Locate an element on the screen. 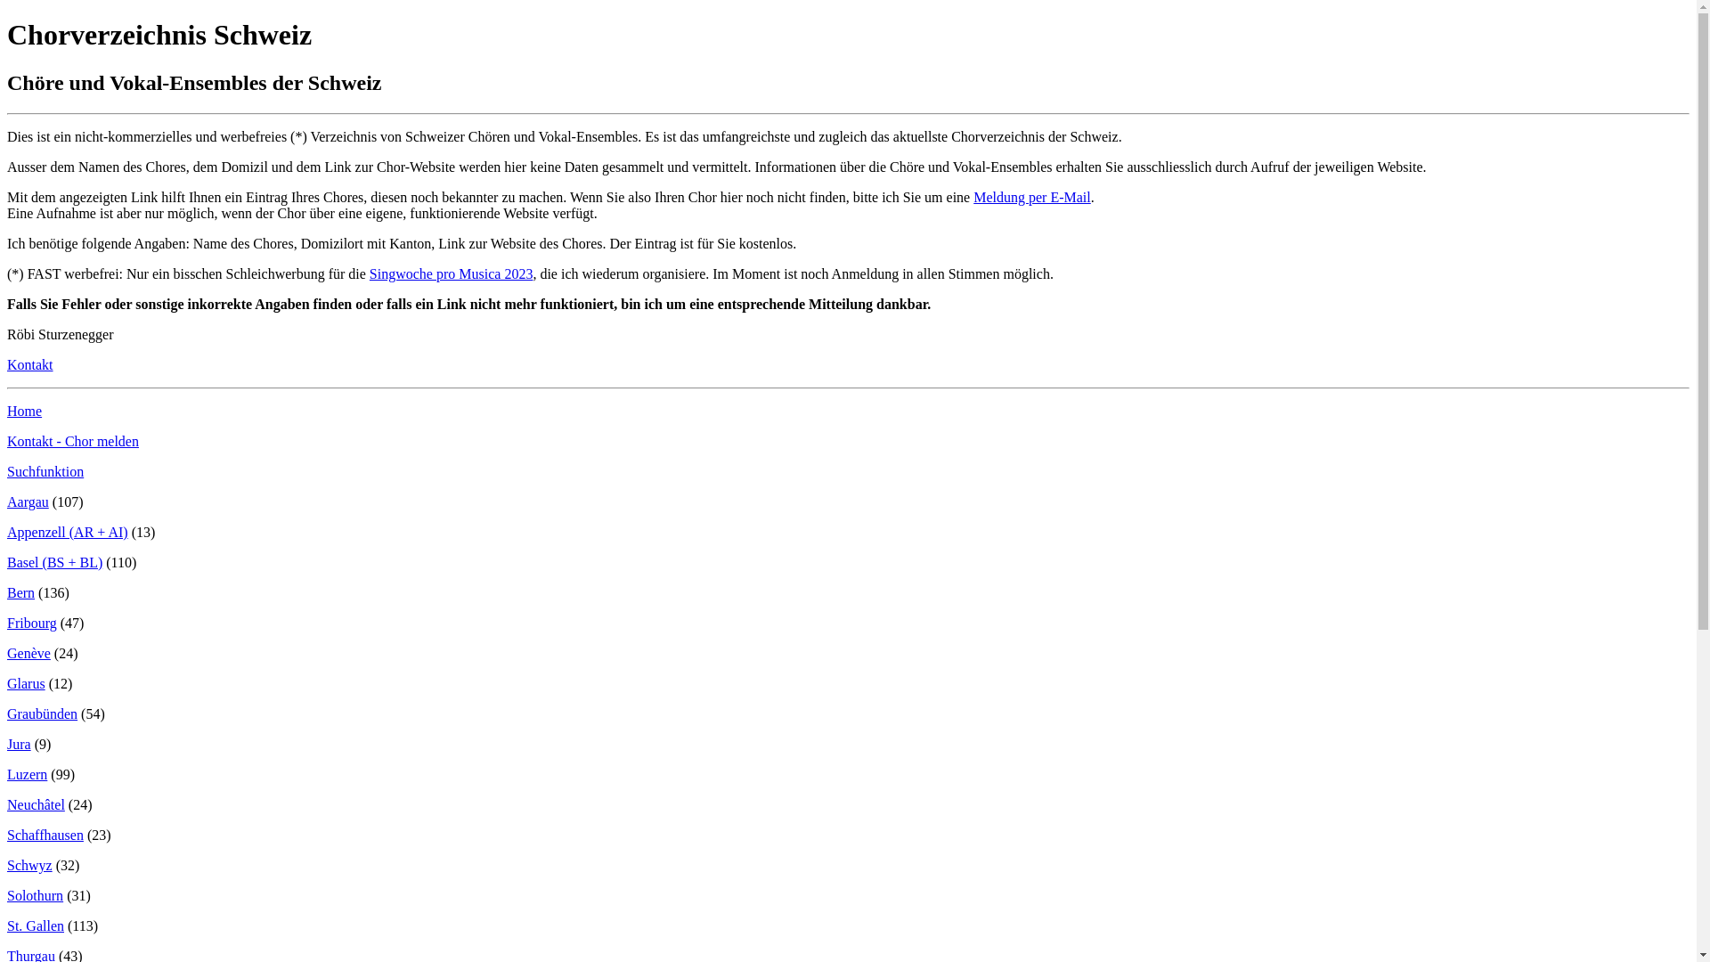  'Suchfunktion' is located at coordinates (45, 470).